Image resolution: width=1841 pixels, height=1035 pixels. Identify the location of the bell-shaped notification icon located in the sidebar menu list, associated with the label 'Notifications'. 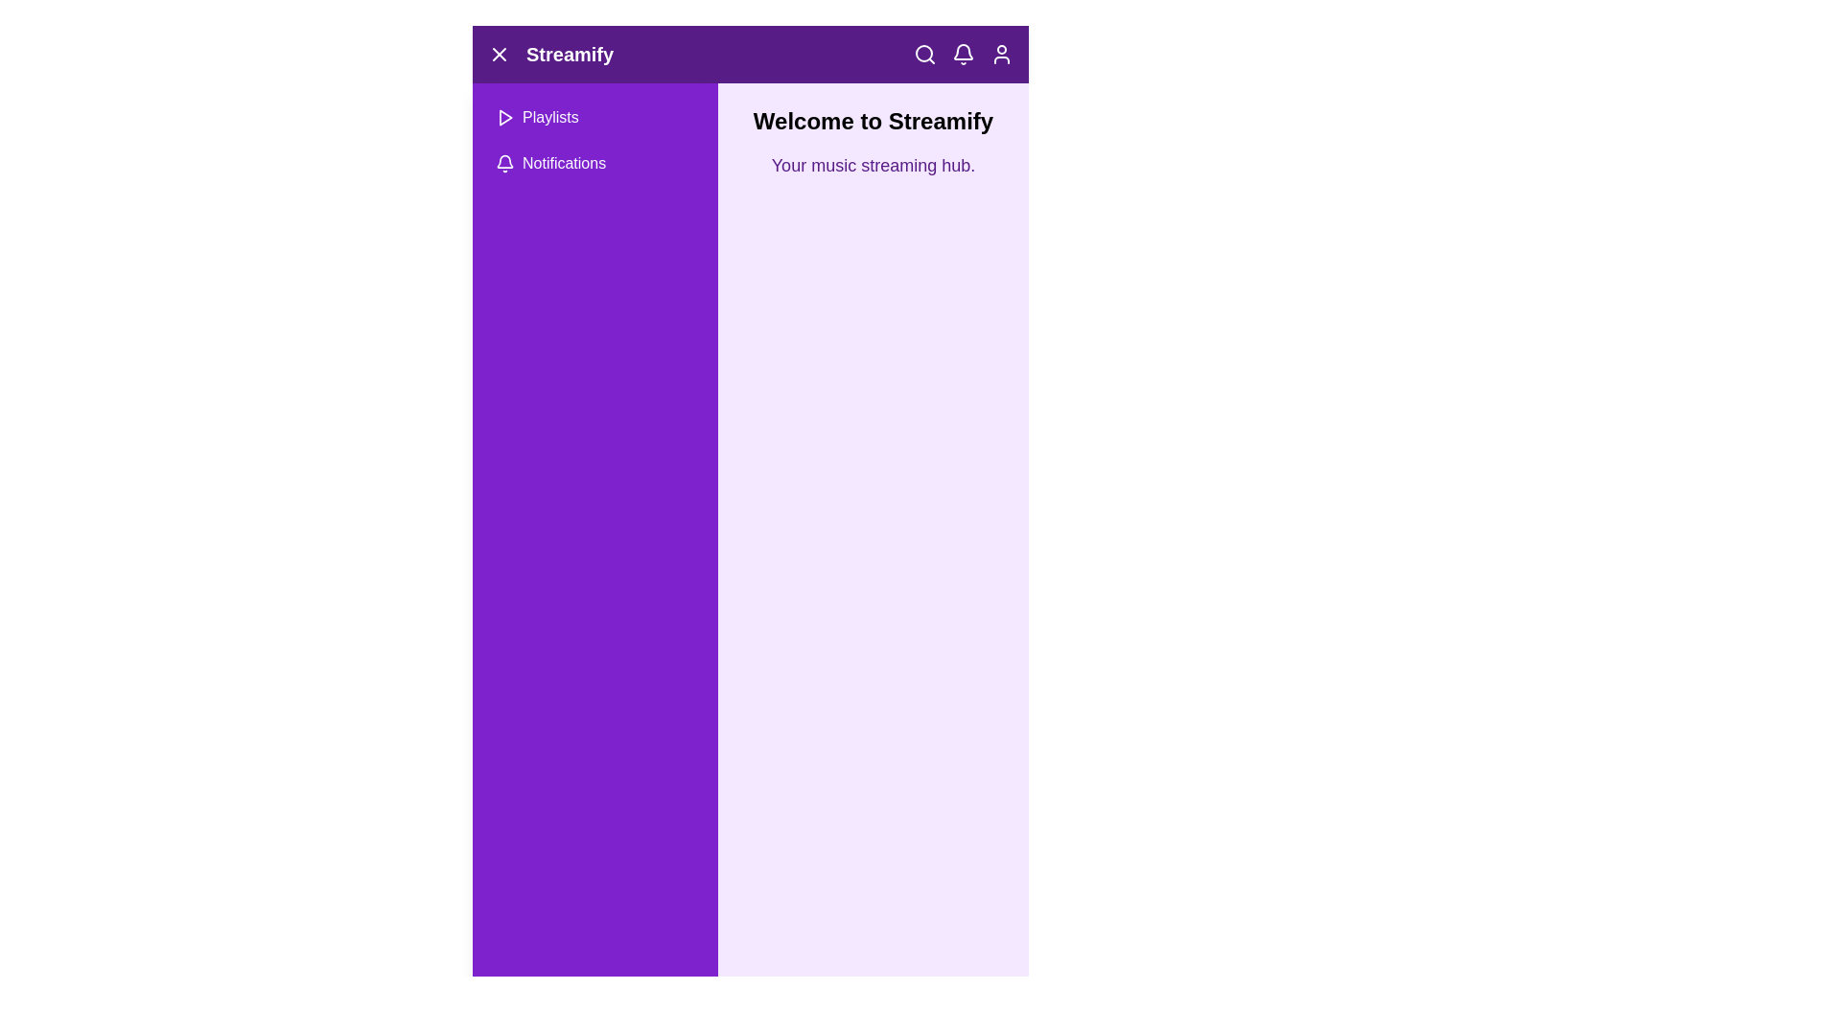
(505, 162).